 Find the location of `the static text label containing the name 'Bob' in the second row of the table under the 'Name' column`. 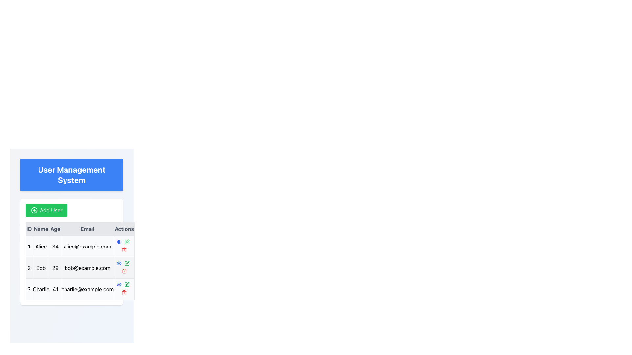

the static text label containing the name 'Bob' in the second row of the table under the 'Name' column is located at coordinates (40, 268).